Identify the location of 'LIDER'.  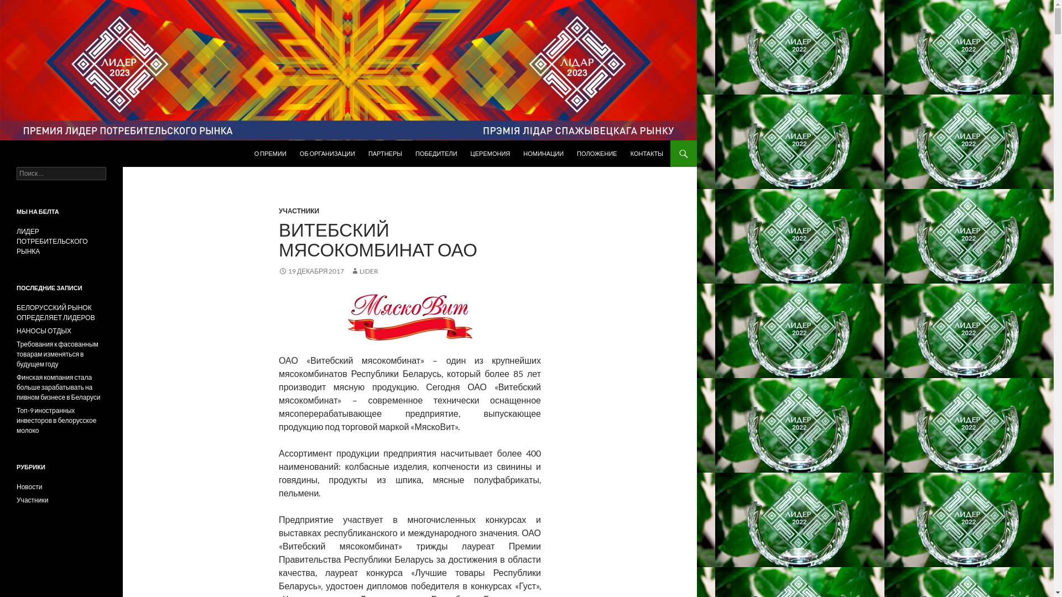
(350, 271).